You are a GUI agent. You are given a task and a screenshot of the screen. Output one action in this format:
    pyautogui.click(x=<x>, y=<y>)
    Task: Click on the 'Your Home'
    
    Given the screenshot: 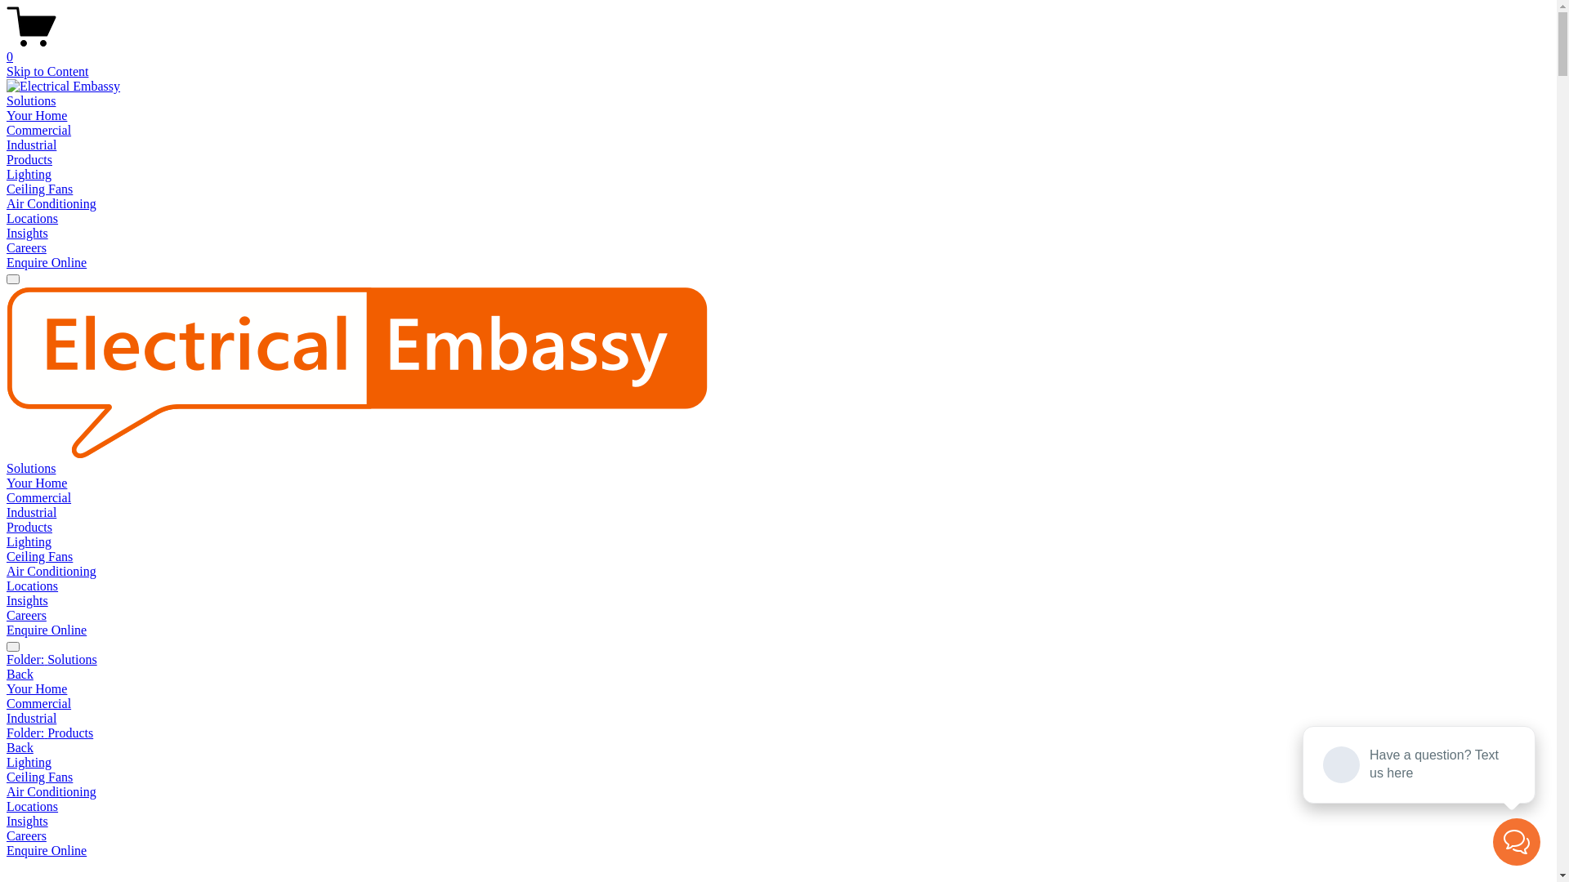 What is the action you would take?
    pyautogui.click(x=36, y=114)
    